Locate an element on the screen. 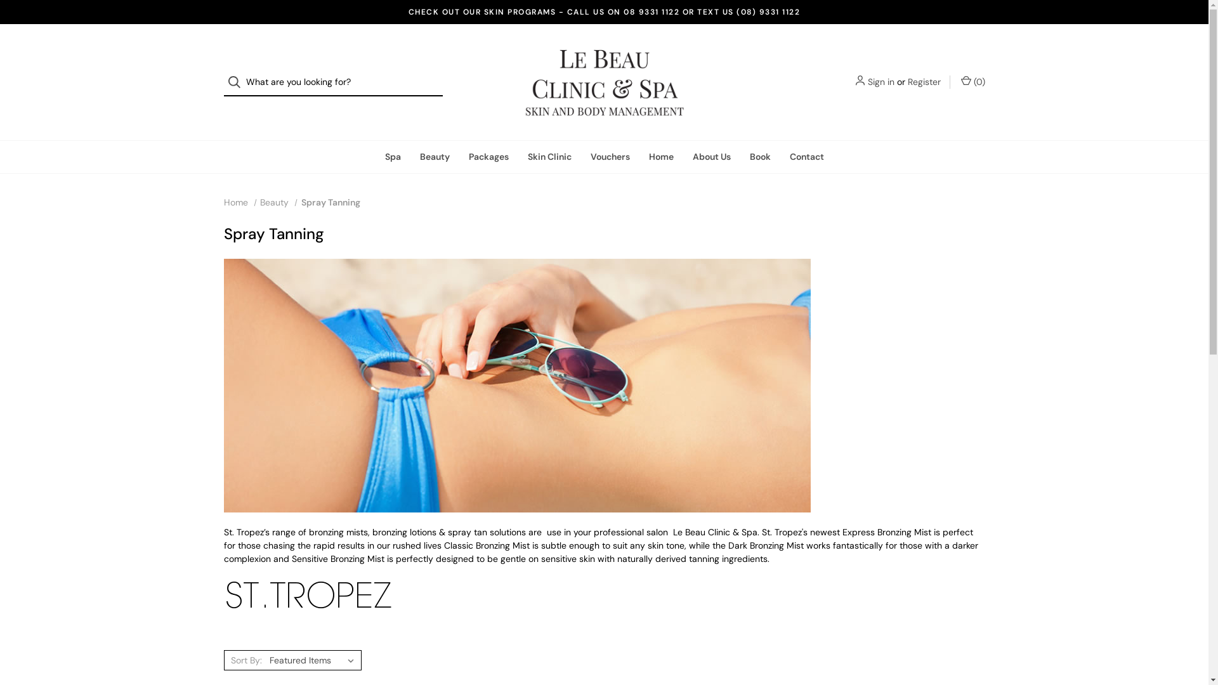 Image resolution: width=1218 pixels, height=685 pixels. 'Contact' is located at coordinates (806, 156).